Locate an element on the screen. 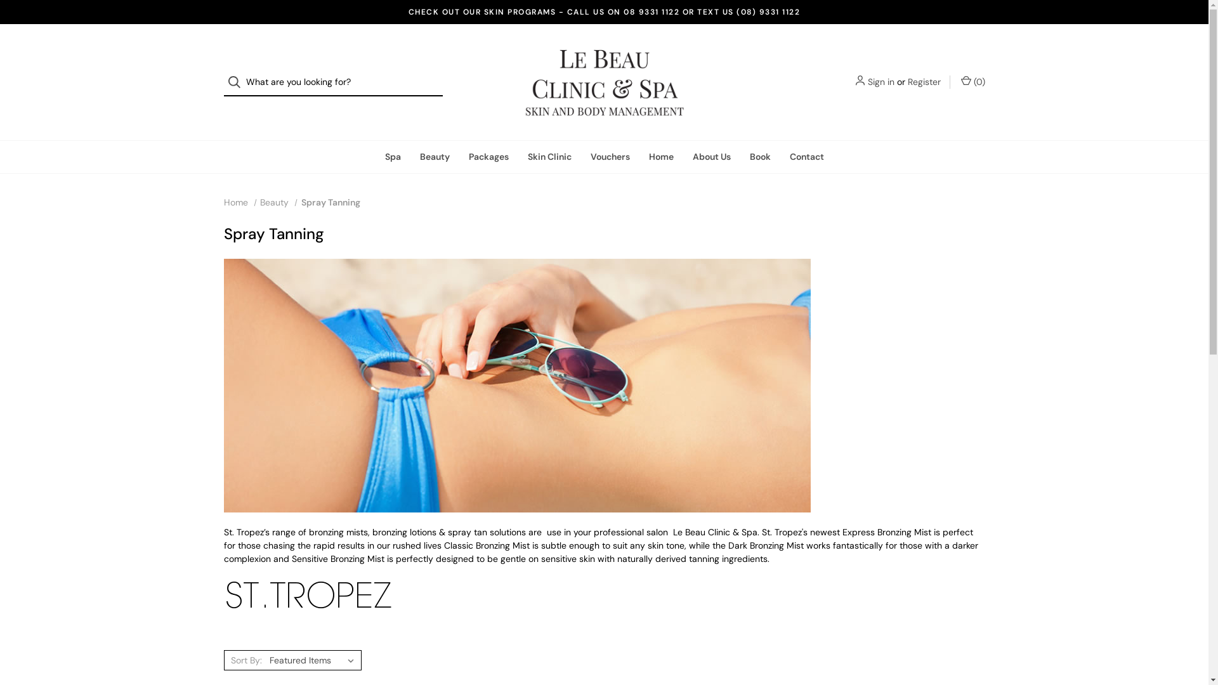 Image resolution: width=1218 pixels, height=685 pixels. 'Contact' is located at coordinates (806, 156).